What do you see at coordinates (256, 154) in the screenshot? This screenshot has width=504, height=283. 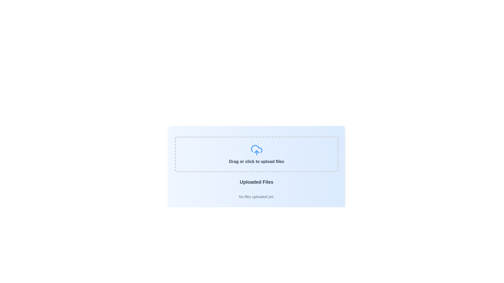 I see `the File upload area` at bounding box center [256, 154].